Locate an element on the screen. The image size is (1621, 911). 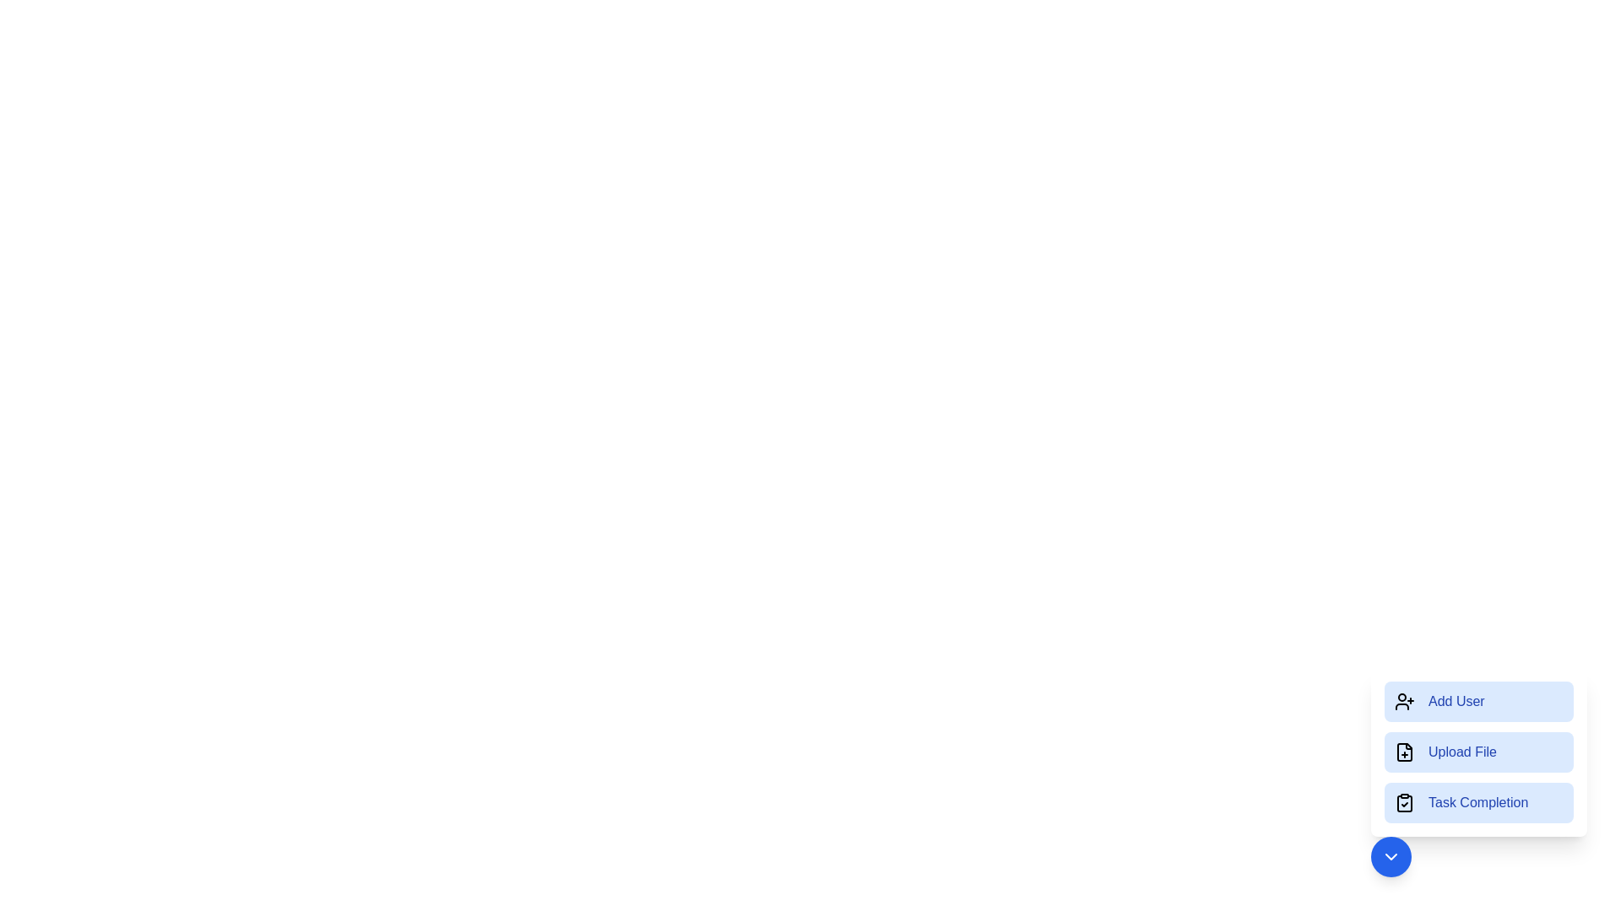
the Add User button is located at coordinates (1478, 702).